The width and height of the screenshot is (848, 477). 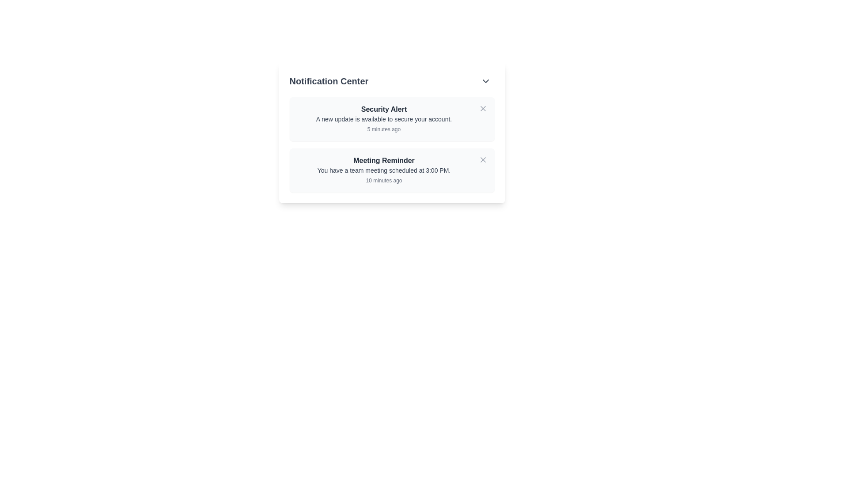 I want to click on text from the Text Label that provides details about the security alert notification, which is located in the Notification Center interface and is positioned between the heading 'Security Alert' and the timestamp '5 minutes ago', so click(x=384, y=119).